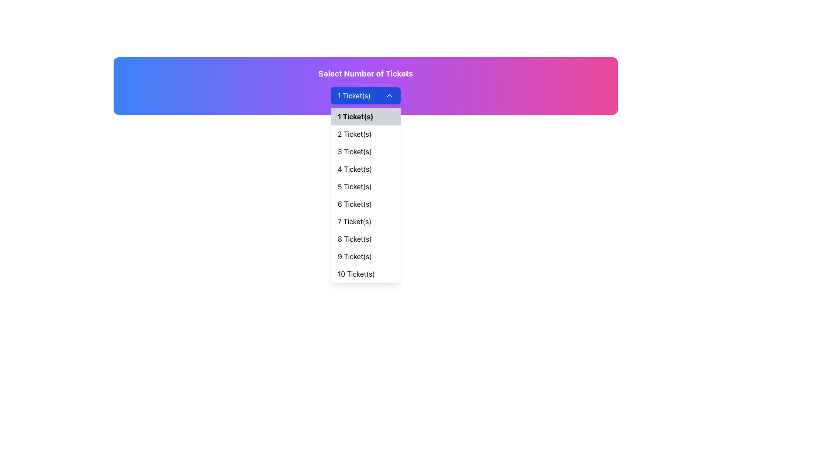 This screenshot has width=839, height=472. What do you see at coordinates (365, 274) in the screenshot?
I see `the dropdown list option displaying '10 Ticket(s)'` at bounding box center [365, 274].